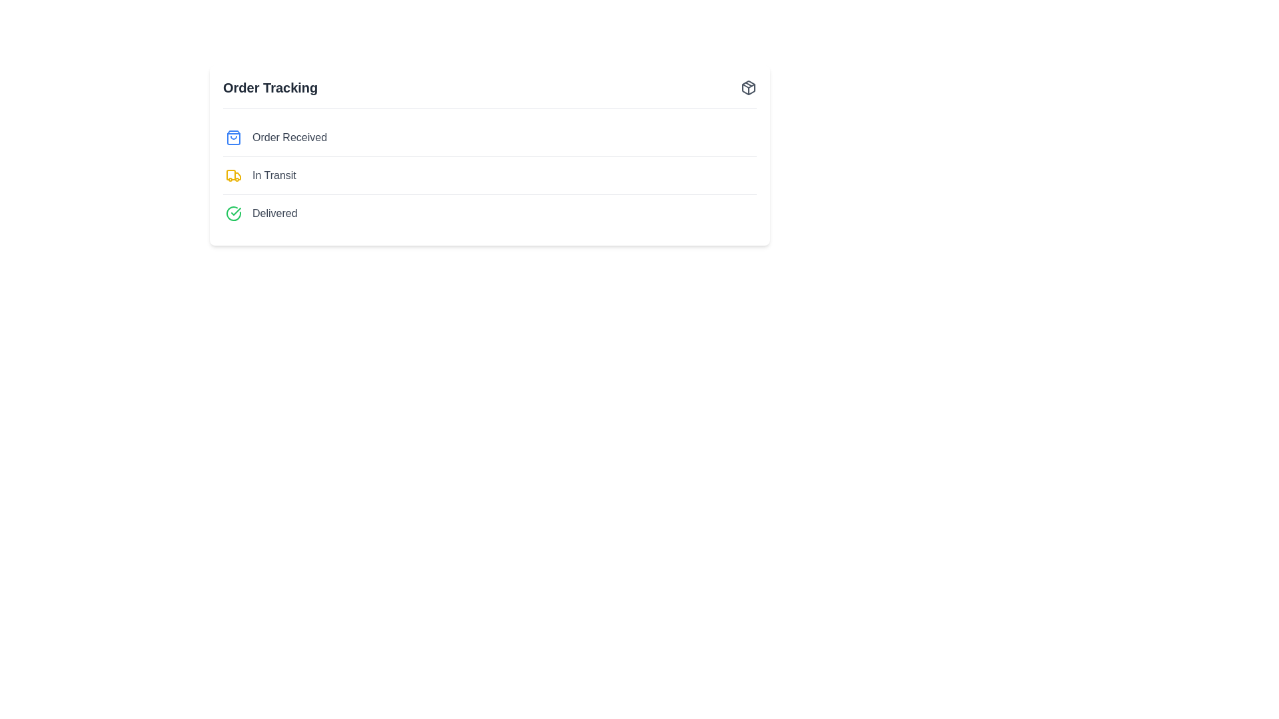 The image size is (1279, 719). I want to click on the package icon button to toggle the visibility of the menu, so click(748, 87).